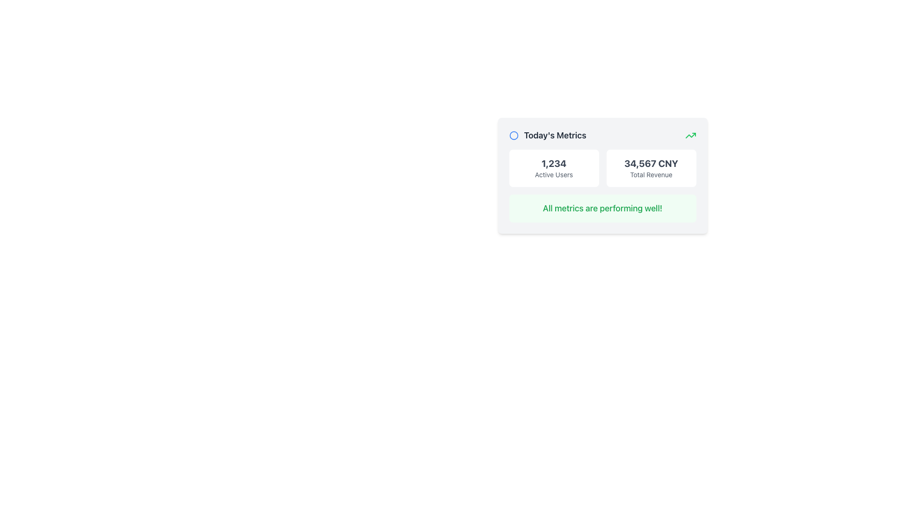 The width and height of the screenshot is (898, 505). I want to click on the Informational banner with a light green background that contains the text 'All metrics are performing well!' located at the bottom of the grid layout, so click(602, 208).